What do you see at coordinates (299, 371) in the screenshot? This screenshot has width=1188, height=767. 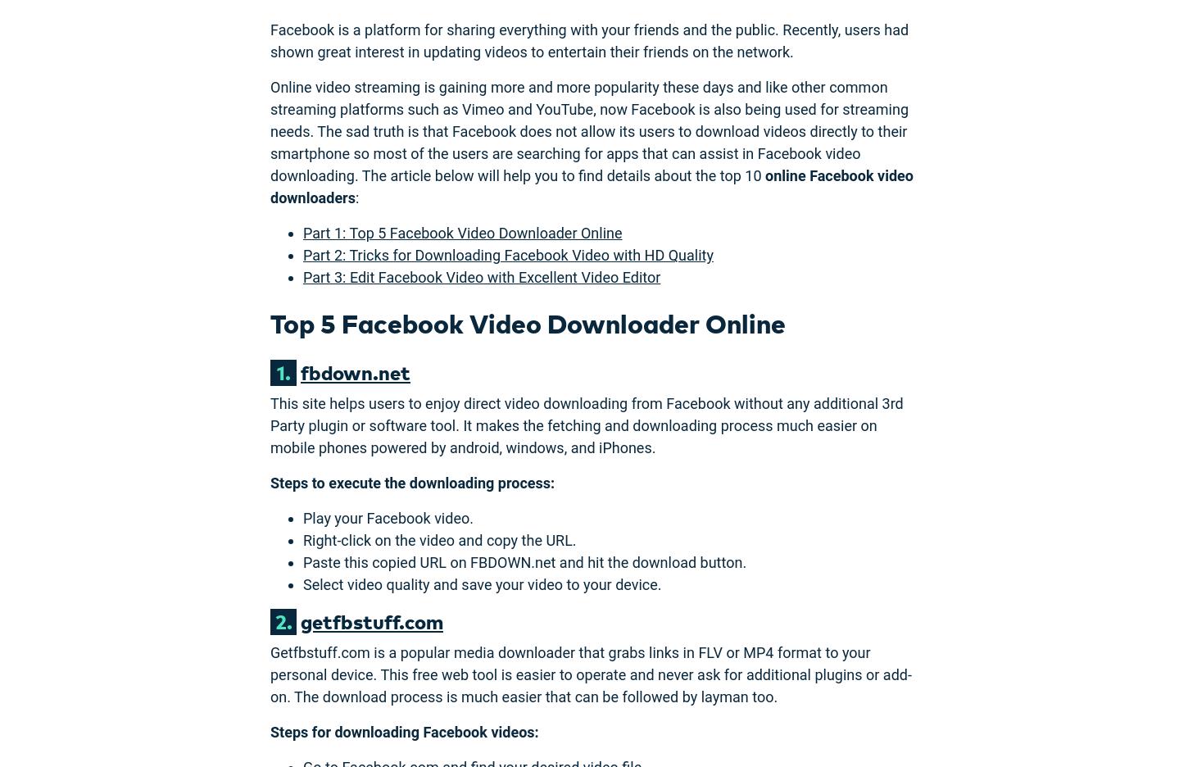 I see `'fbdown.net'` at bounding box center [299, 371].